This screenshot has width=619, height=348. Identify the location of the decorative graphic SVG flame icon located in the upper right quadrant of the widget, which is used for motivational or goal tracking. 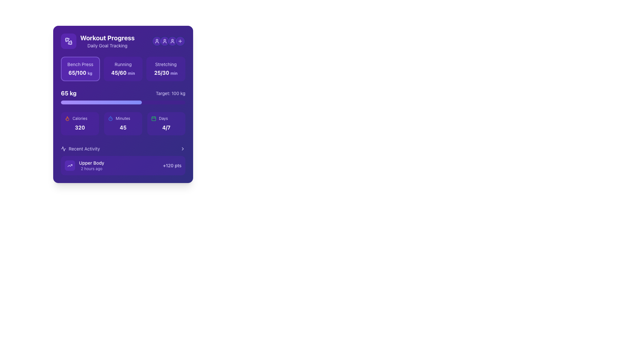
(67, 118).